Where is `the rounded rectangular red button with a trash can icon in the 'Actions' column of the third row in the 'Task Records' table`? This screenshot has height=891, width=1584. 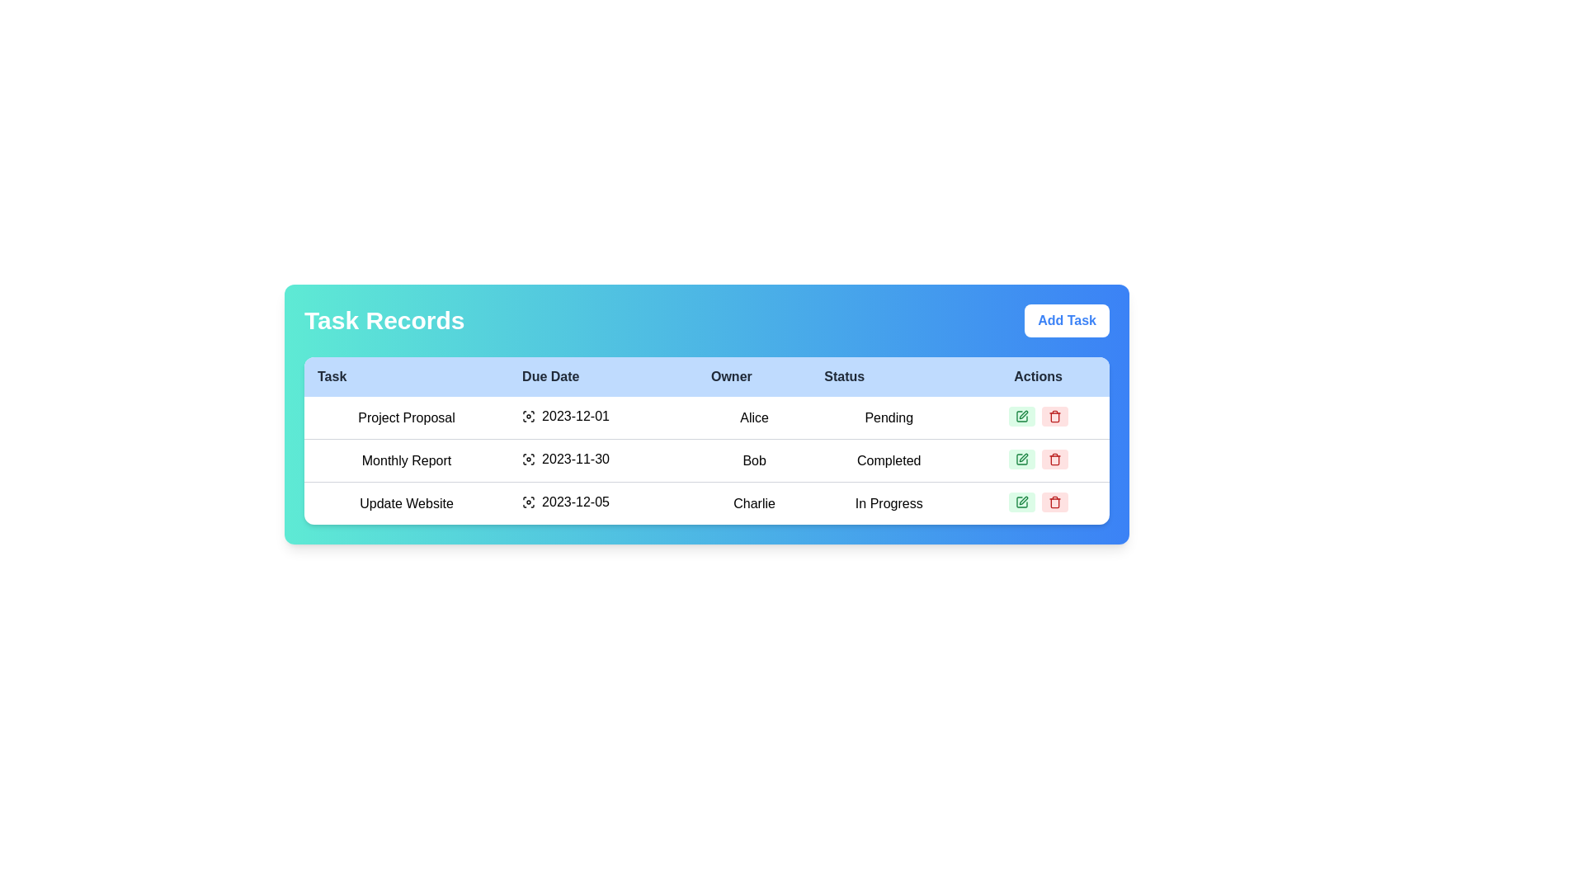
the rounded rectangular red button with a trash can icon in the 'Actions' column of the third row in the 'Task Records' table is located at coordinates (1054, 502).